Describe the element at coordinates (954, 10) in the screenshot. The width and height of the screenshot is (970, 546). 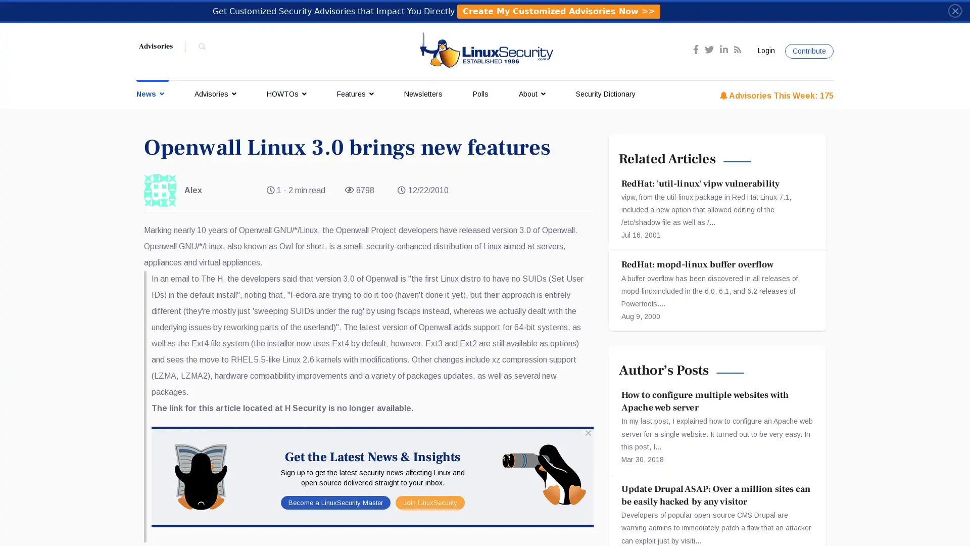
I see `Close` at that location.